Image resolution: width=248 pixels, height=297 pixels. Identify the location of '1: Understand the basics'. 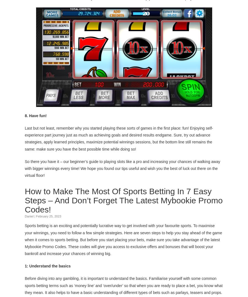
(47, 266).